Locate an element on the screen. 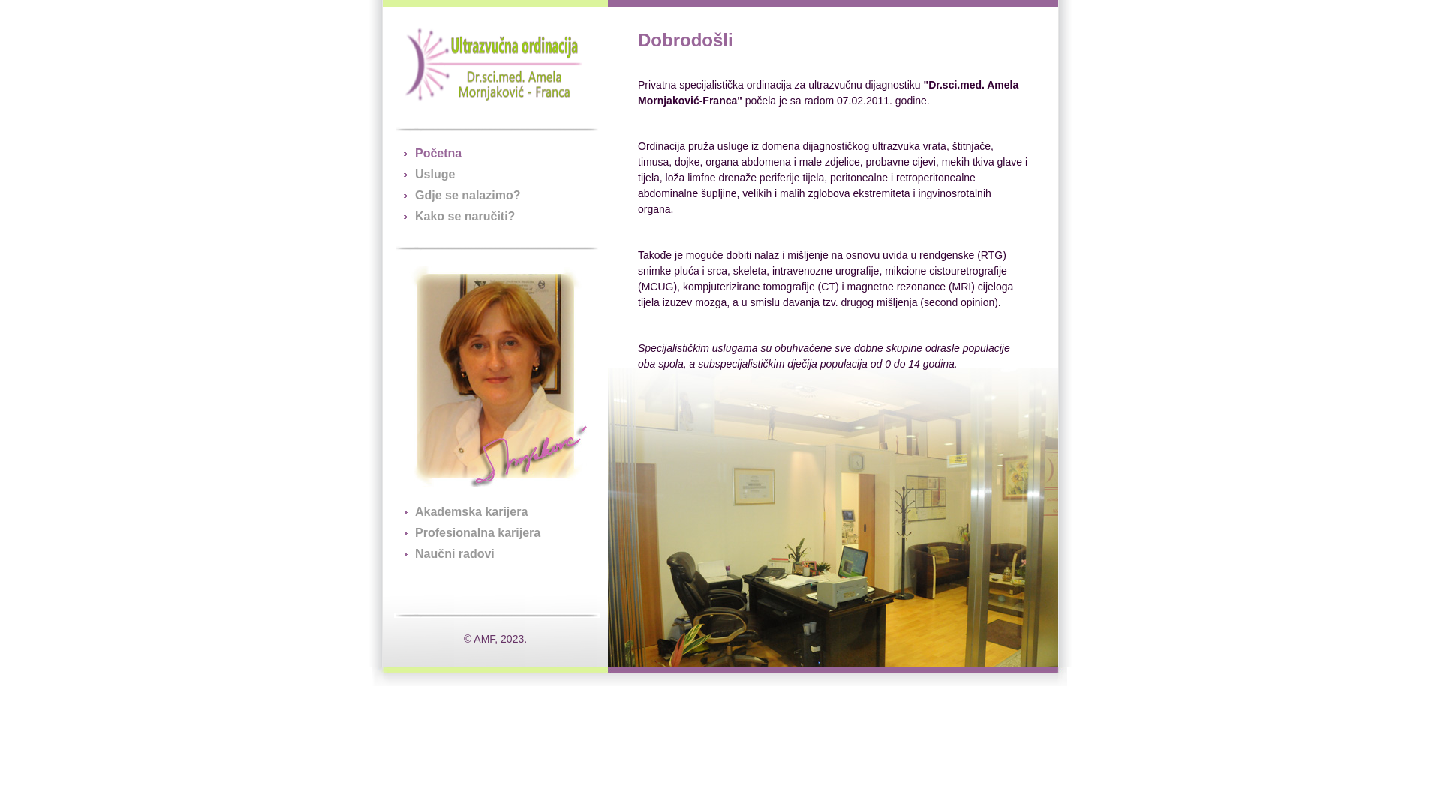 Image resolution: width=1441 pixels, height=810 pixels. 'Profesionalna karijera' is located at coordinates (477, 532).